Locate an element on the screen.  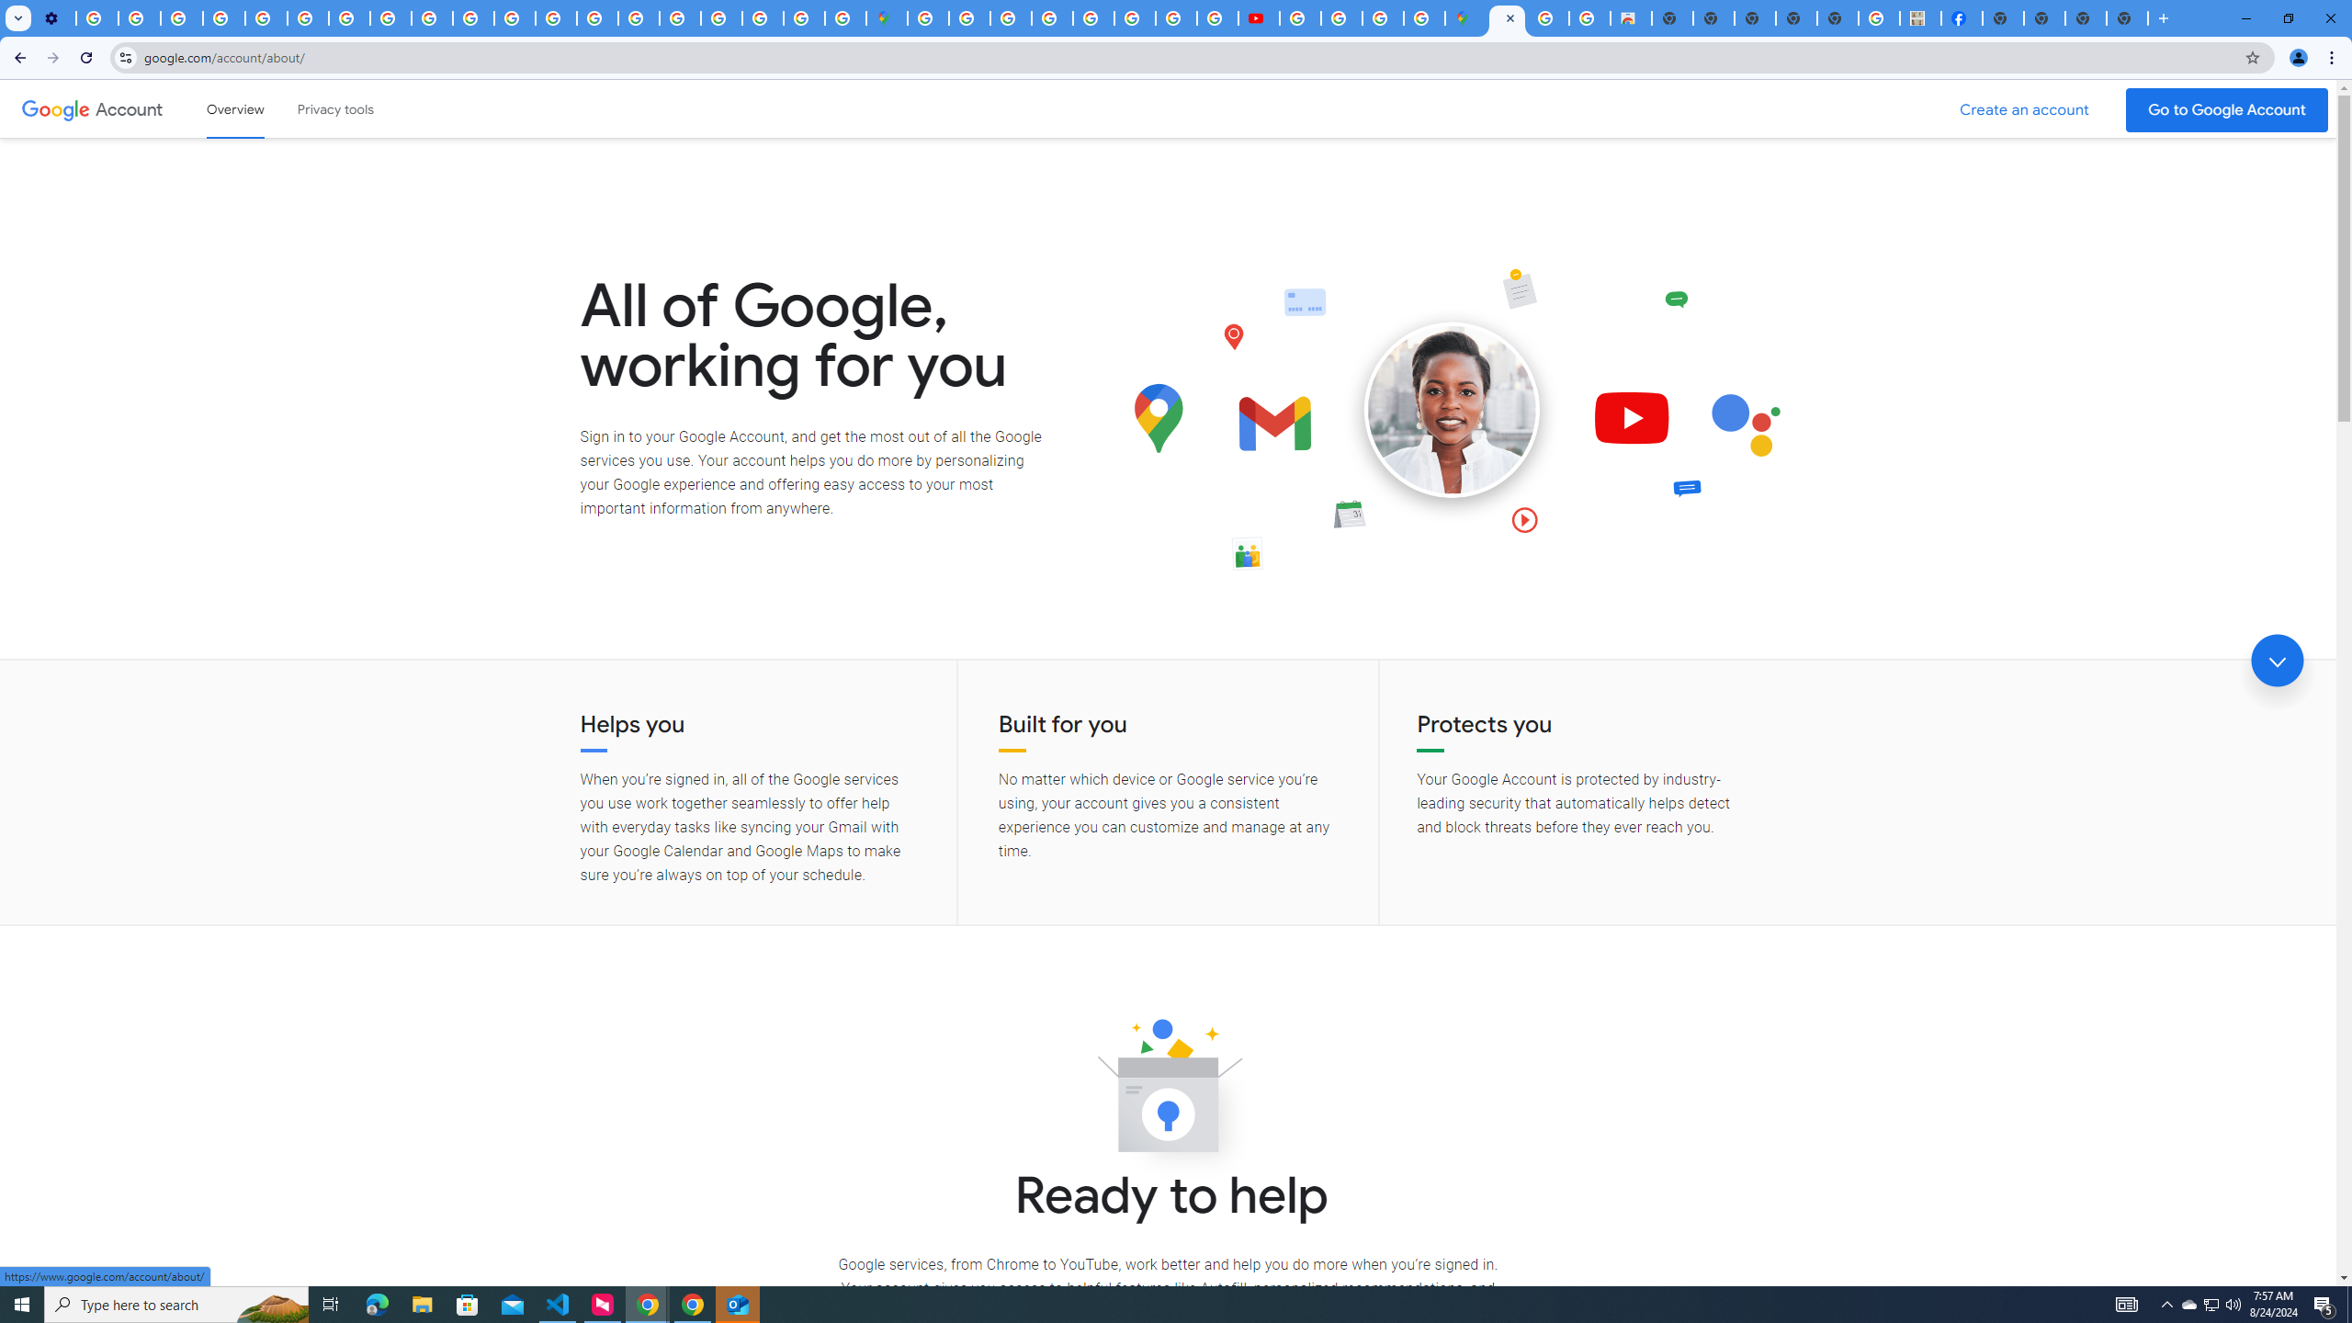
'How Chrome protects your passwords - Google Chrome Help' is located at coordinates (1299, 17).